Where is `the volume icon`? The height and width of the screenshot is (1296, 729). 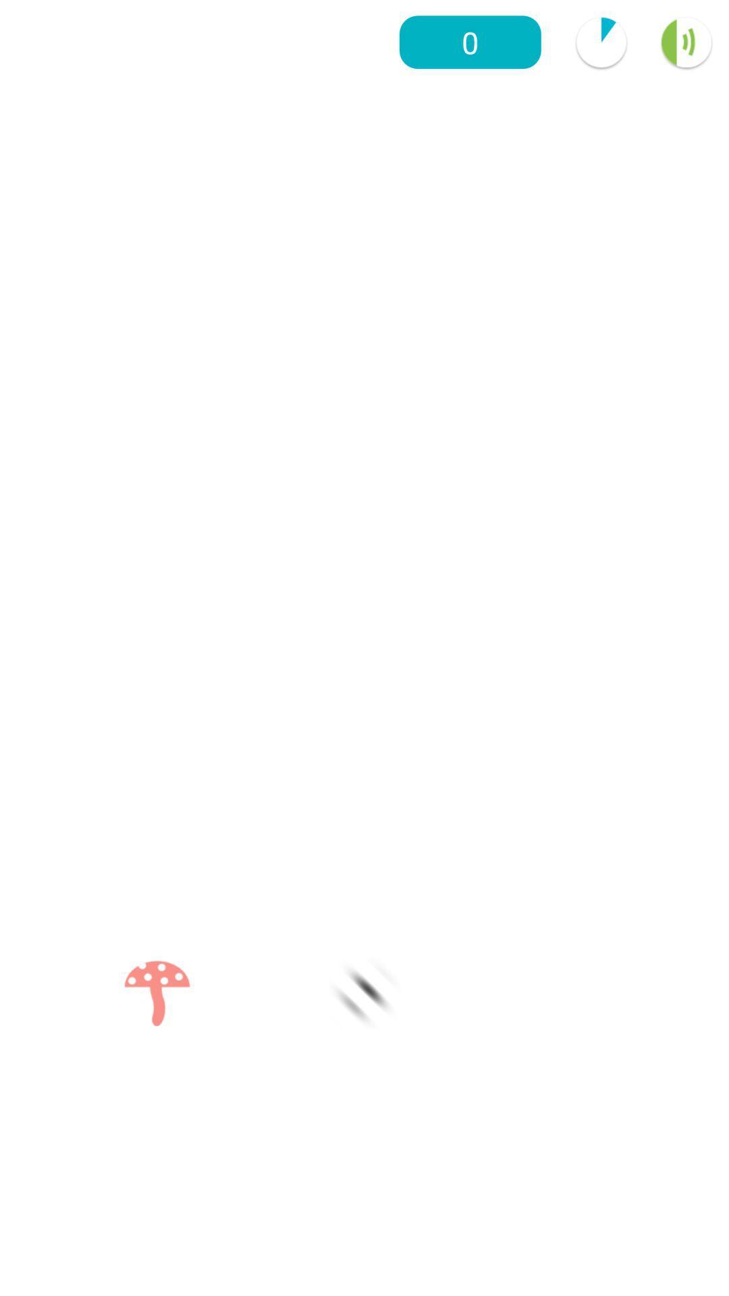 the volume icon is located at coordinates (686, 42).